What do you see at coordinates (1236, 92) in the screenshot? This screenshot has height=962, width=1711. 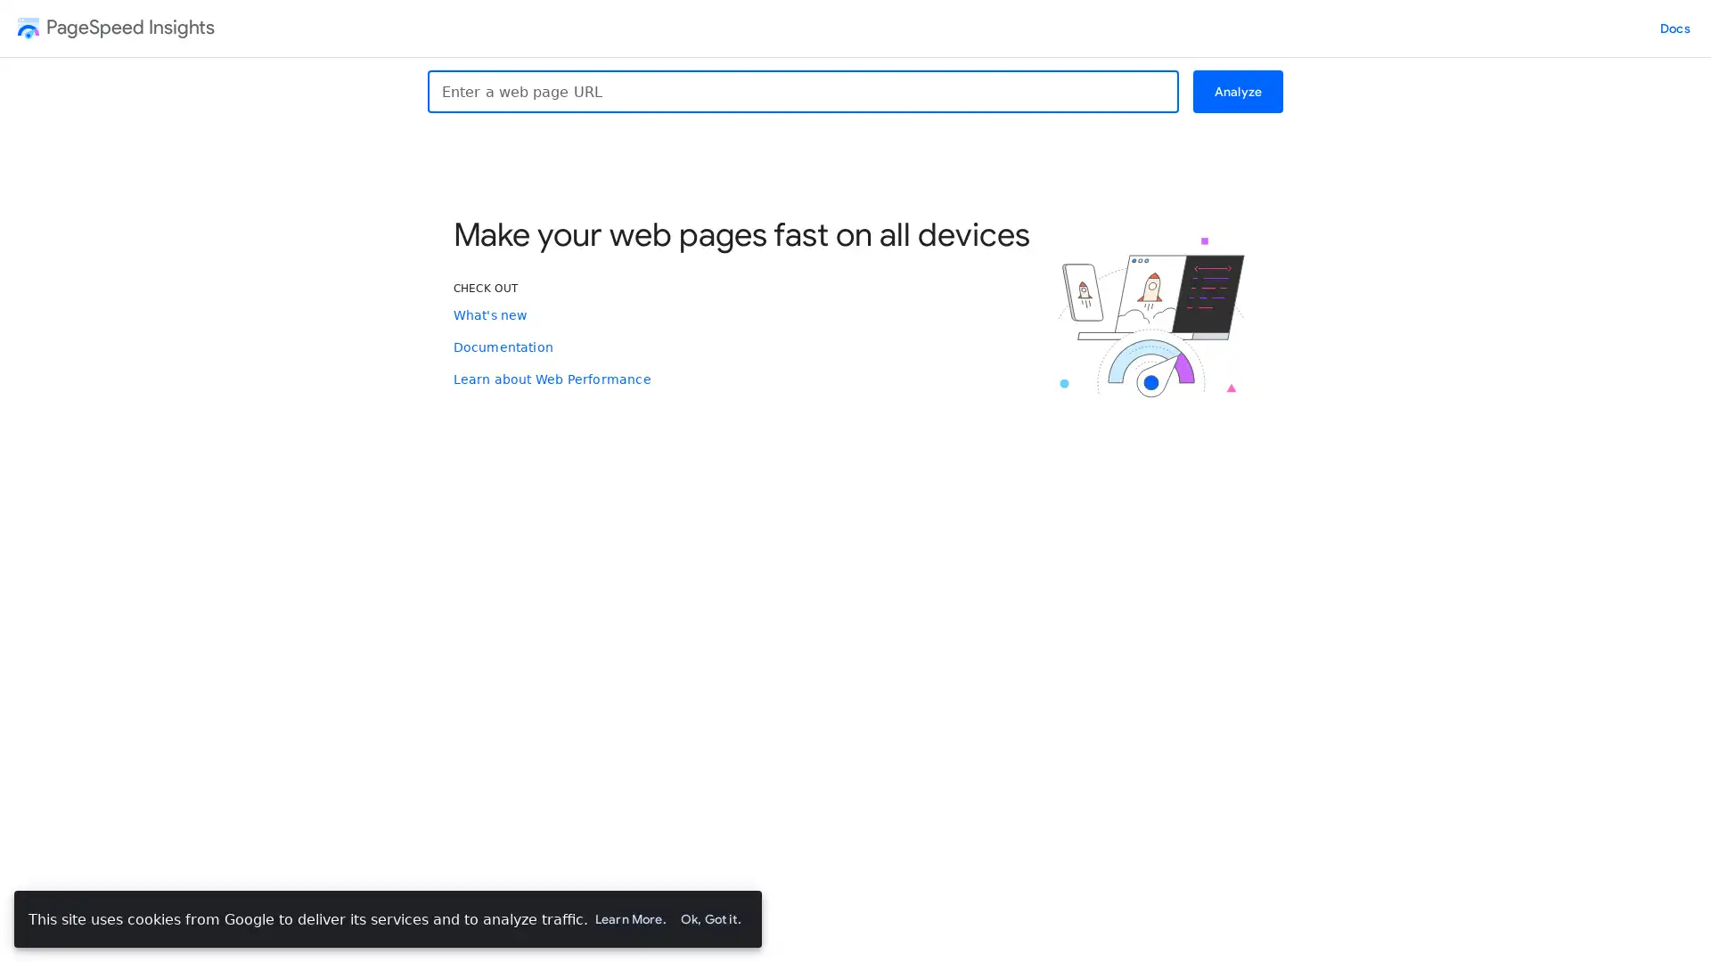 I see `Analyze` at bounding box center [1236, 92].